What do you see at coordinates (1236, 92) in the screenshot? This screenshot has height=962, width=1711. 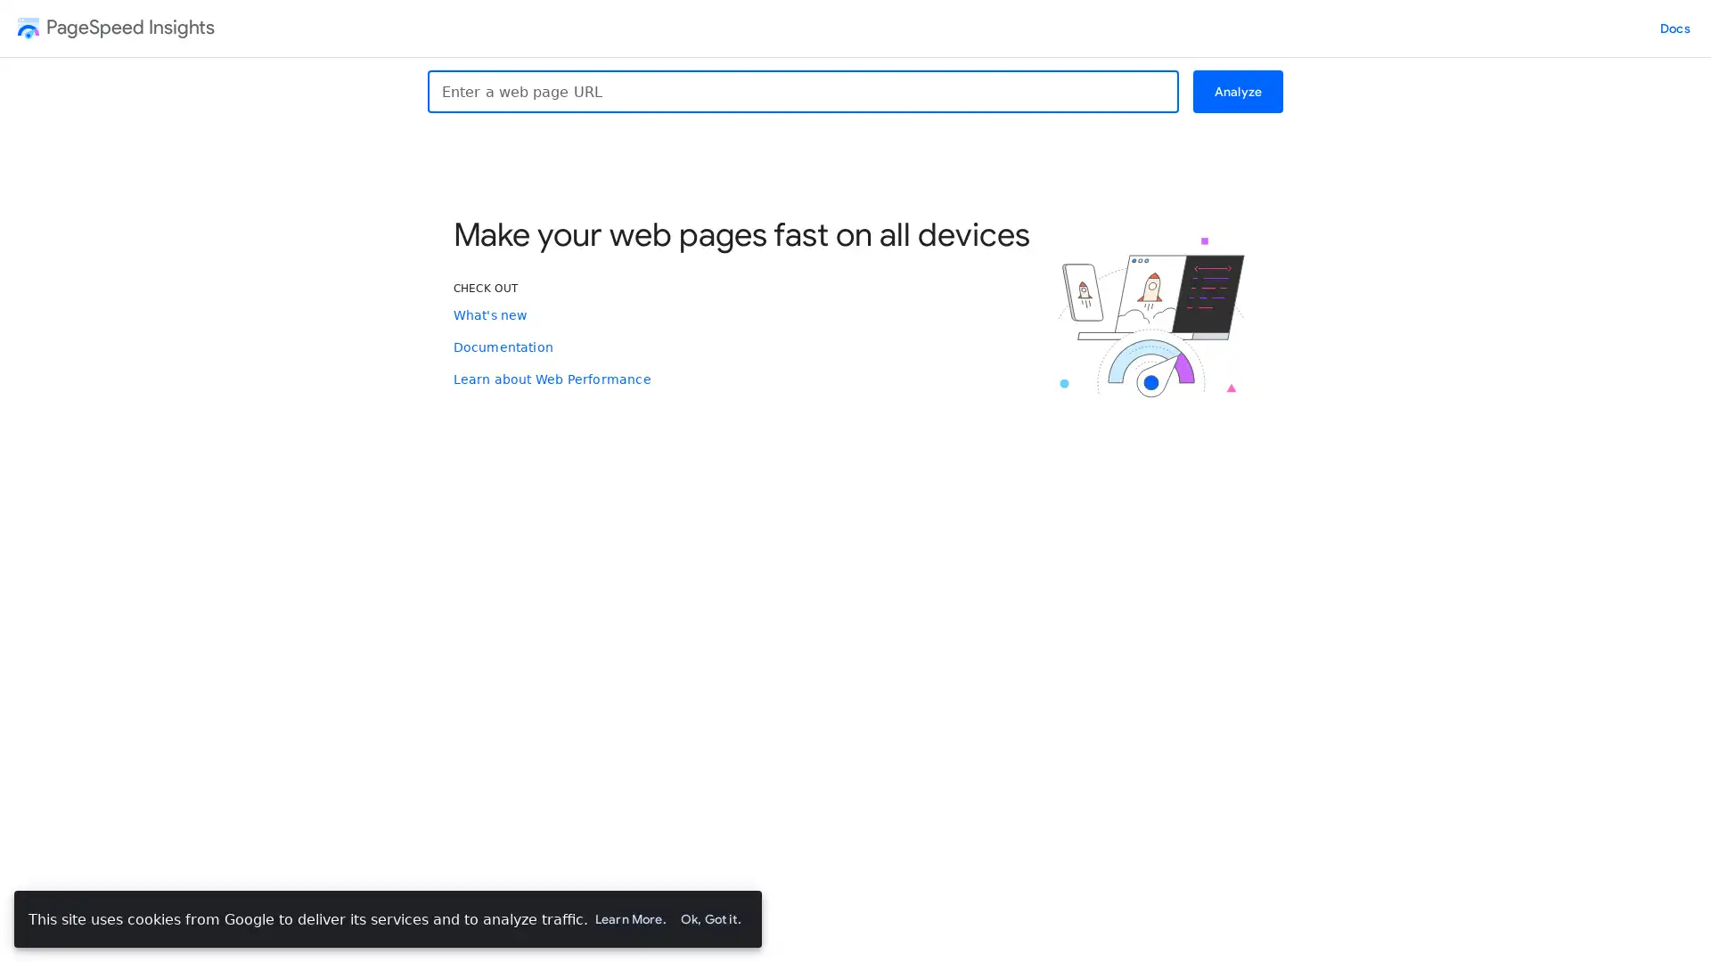 I see `Analyze` at bounding box center [1236, 92].